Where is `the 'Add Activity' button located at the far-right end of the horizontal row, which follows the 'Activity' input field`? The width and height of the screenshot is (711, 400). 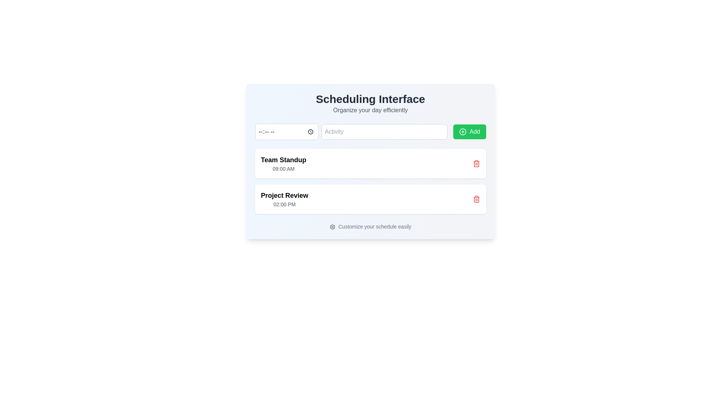
the 'Add Activity' button located at the far-right end of the horizontal row, which follows the 'Activity' input field is located at coordinates (469, 131).